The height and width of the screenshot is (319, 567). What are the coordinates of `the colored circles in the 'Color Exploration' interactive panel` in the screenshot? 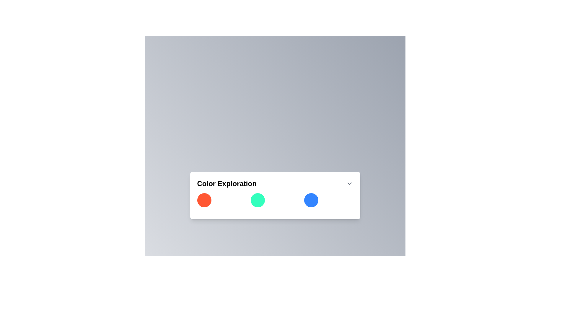 It's located at (275, 196).